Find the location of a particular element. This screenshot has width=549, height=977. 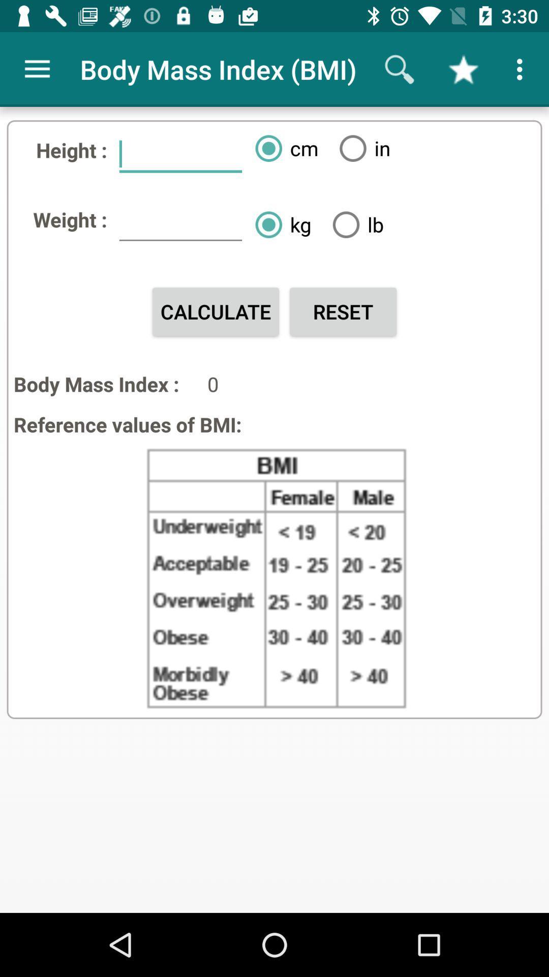

icon above the lb is located at coordinates (360, 148).